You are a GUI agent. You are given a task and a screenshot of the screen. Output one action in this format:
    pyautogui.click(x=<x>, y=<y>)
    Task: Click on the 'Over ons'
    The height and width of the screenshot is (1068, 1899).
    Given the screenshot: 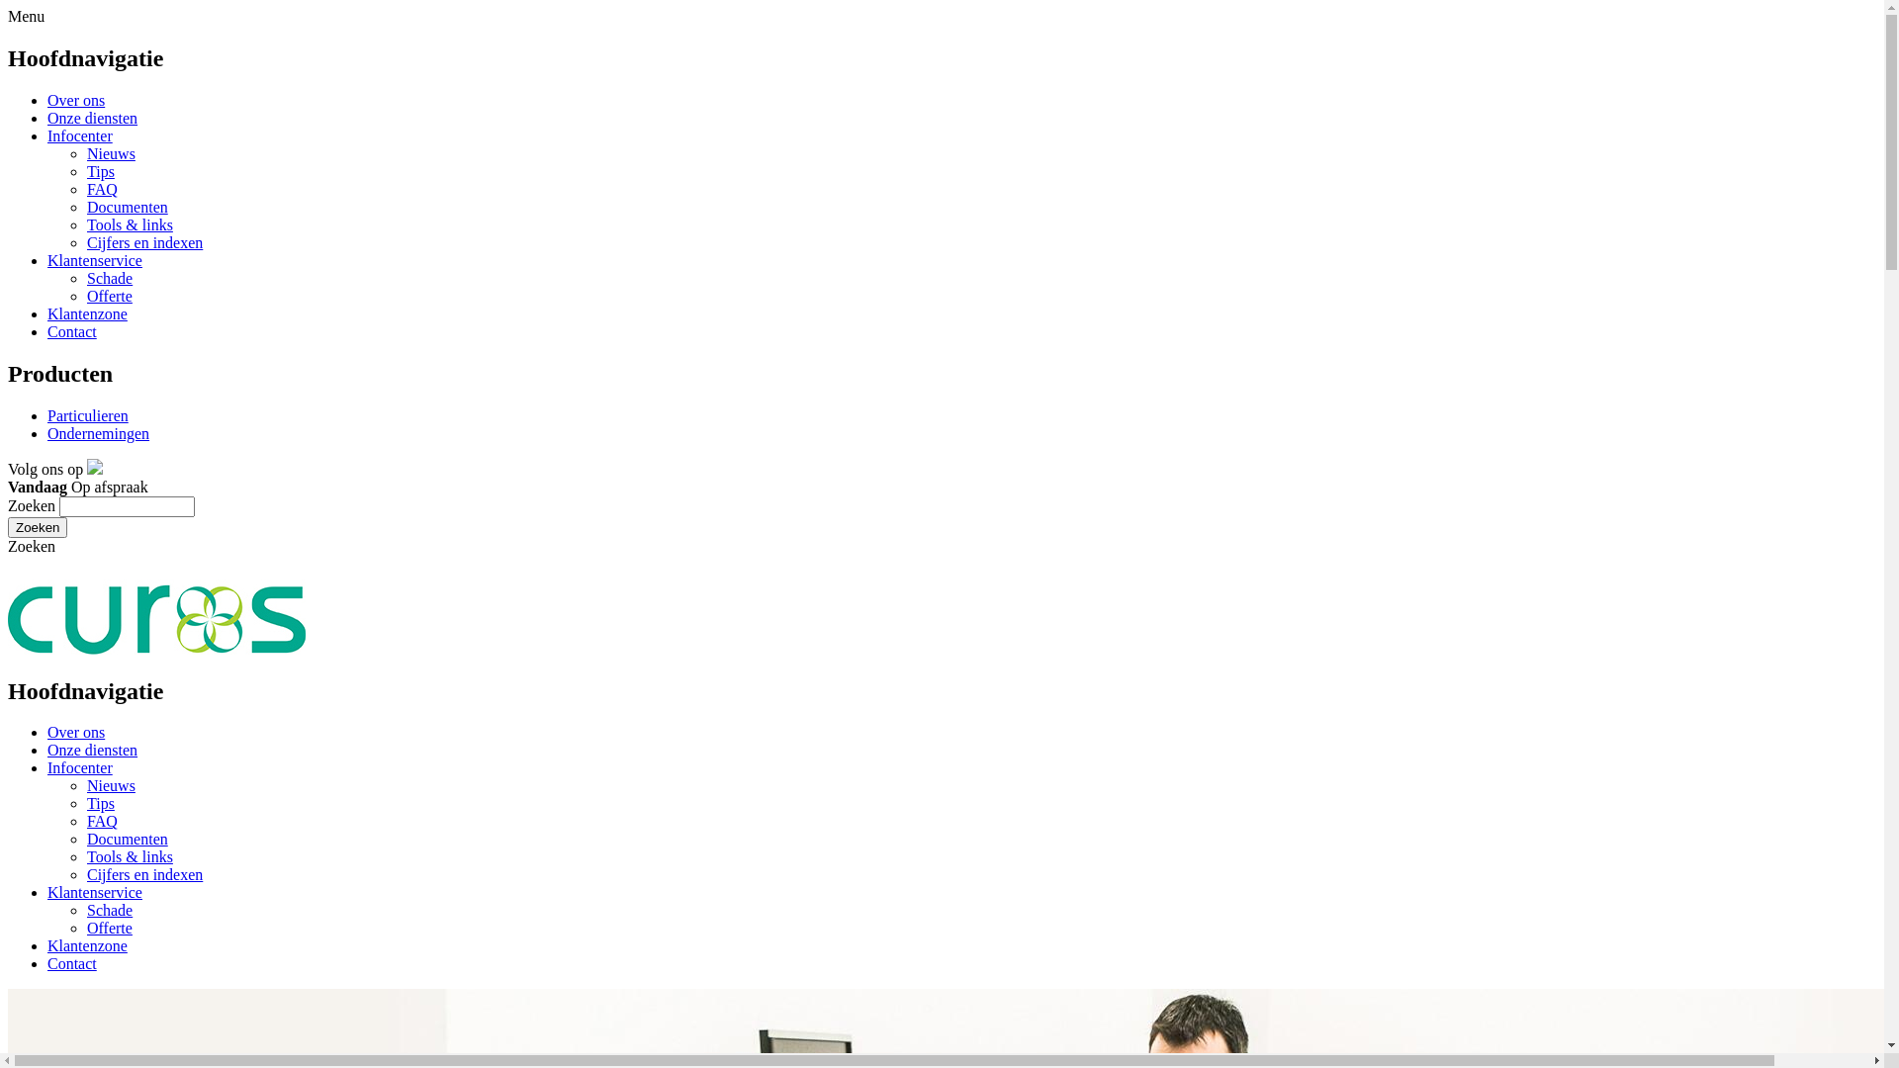 What is the action you would take?
    pyautogui.click(x=75, y=100)
    